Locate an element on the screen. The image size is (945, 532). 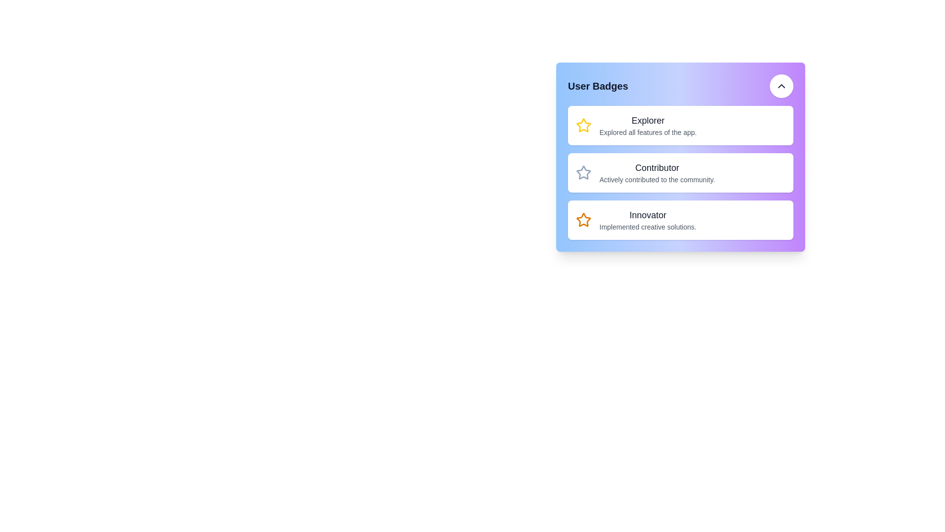
the star-shaped icon with a thin grayish outline located next to the 'Contributor' label is located at coordinates (583, 172).